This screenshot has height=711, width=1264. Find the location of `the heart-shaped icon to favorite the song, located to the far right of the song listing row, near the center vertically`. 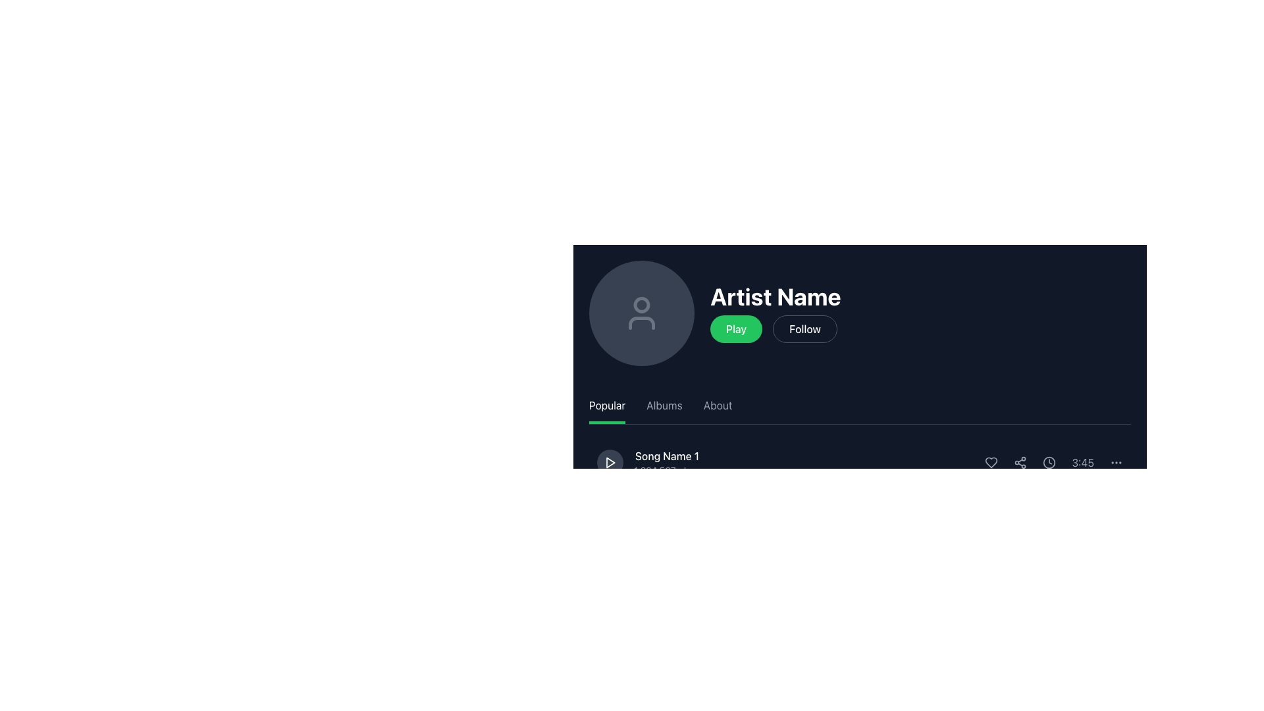

the heart-shaped icon to favorite the song, located to the far right of the song listing row, near the center vertically is located at coordinates (991, 461).